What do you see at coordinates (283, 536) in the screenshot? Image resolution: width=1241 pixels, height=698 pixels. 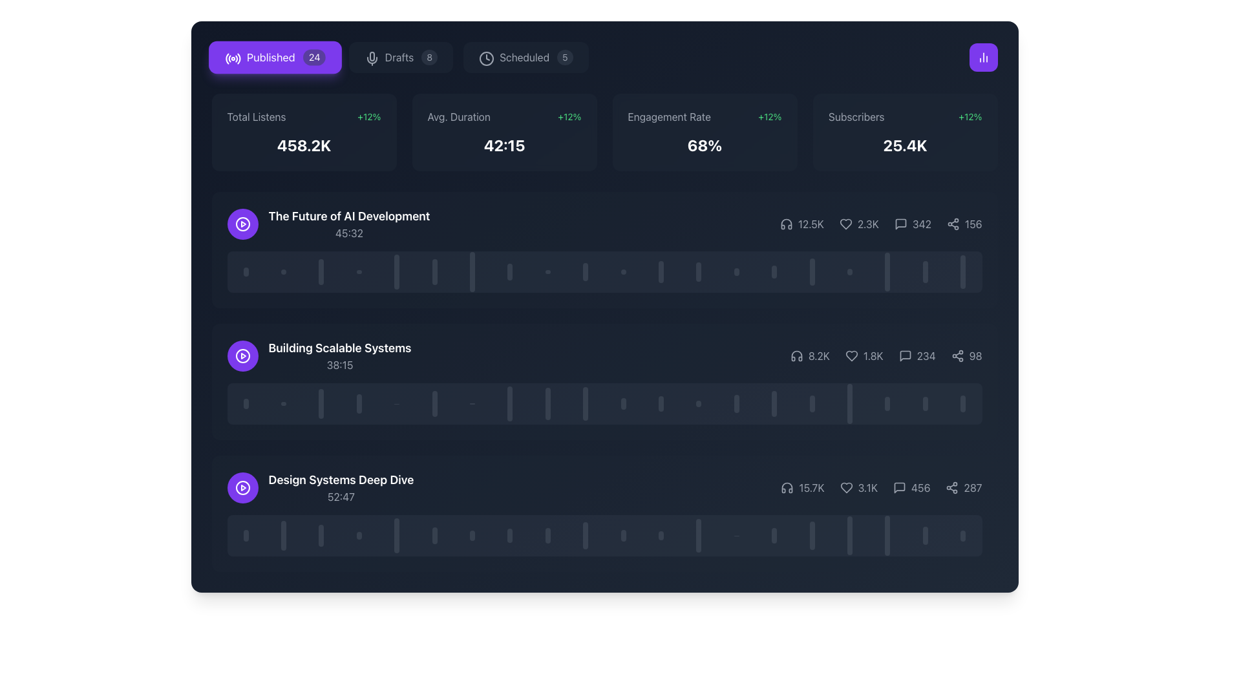 I see `the vertical rectangular Progress indicator component with rounded ends, located in the timeline section for 'Design Systems Deep Dive'` at bounding box center [283, 536].